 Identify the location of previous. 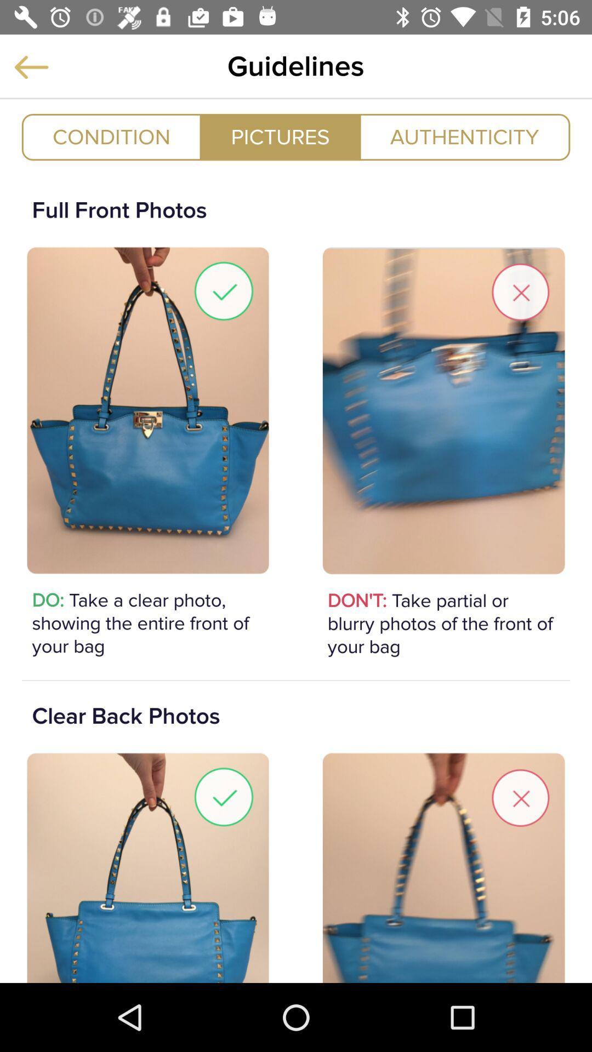
(31, 66).